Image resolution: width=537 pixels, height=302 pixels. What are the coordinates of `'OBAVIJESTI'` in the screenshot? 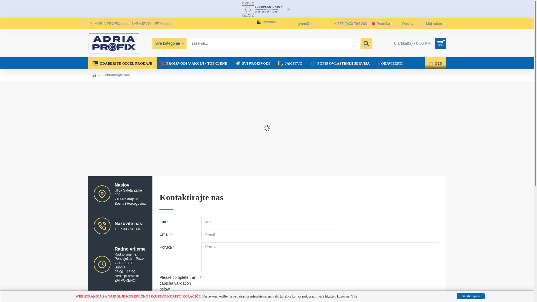 It's located at (374, 63).